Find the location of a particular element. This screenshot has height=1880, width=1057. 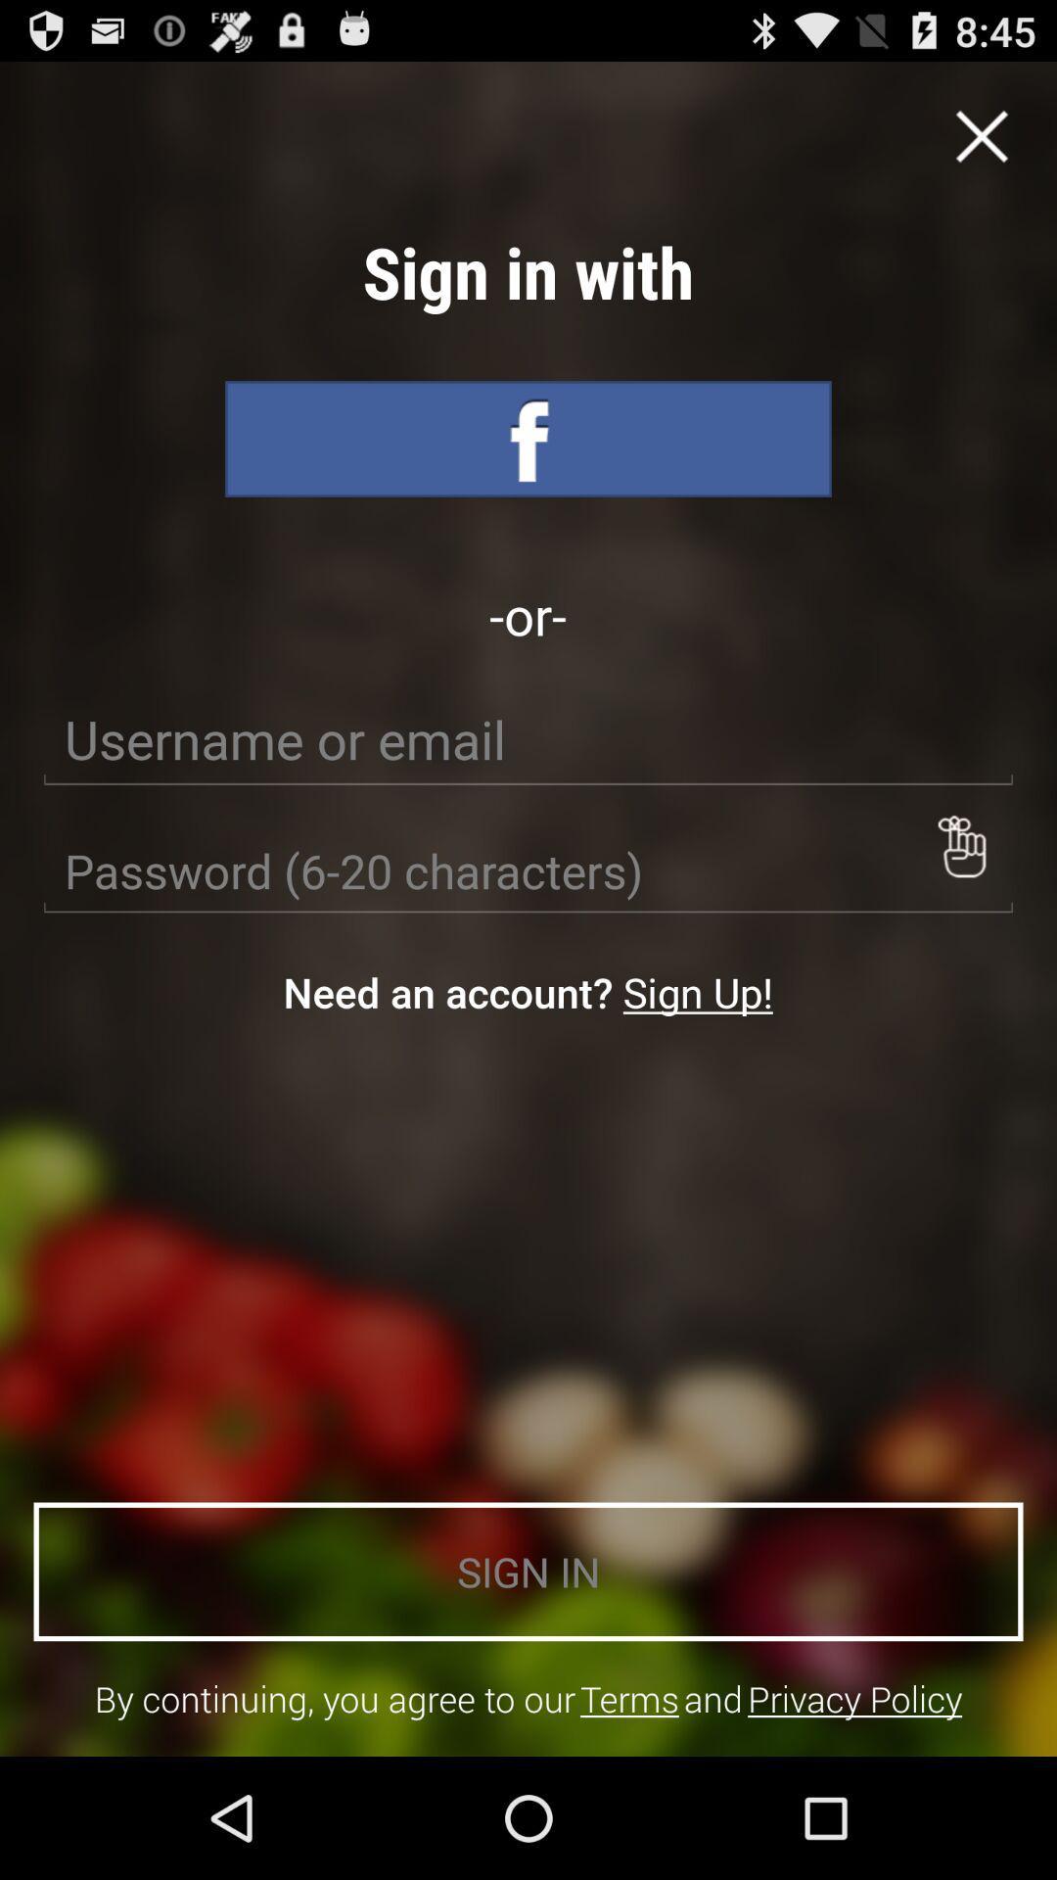

the button above the sign in is located at coordinates (697, 992).